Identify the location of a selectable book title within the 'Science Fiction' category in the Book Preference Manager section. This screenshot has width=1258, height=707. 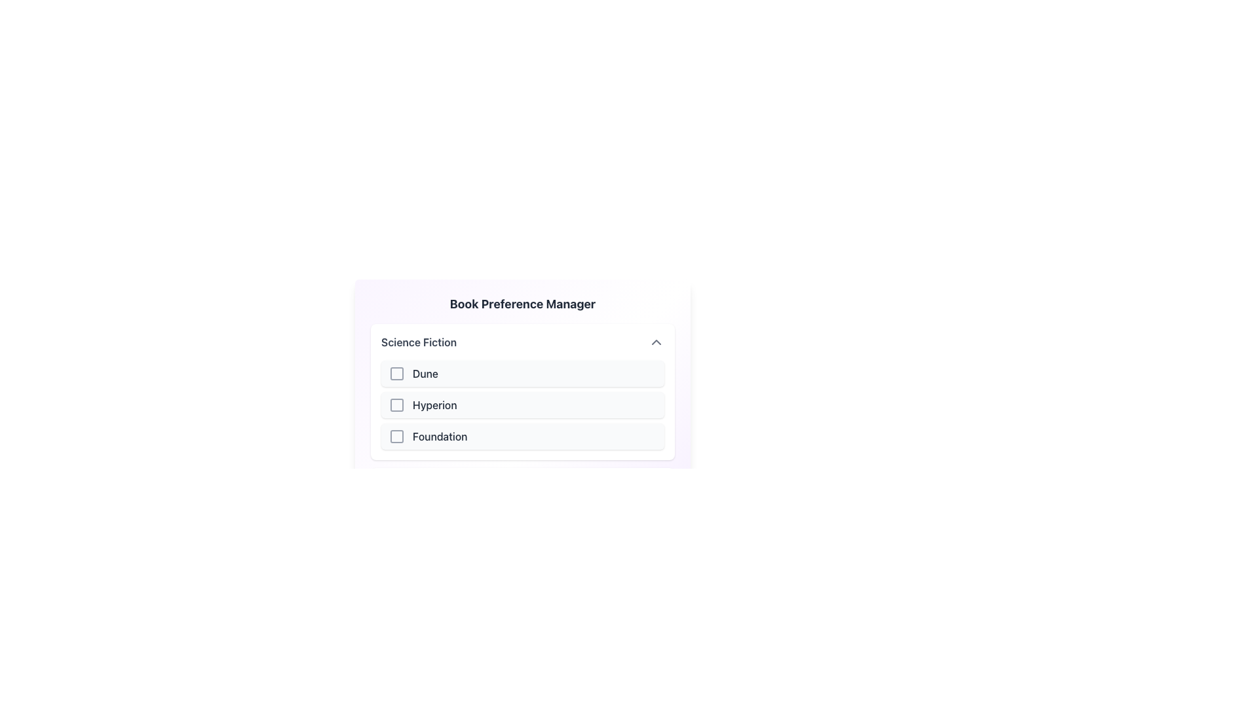
(522, 391).